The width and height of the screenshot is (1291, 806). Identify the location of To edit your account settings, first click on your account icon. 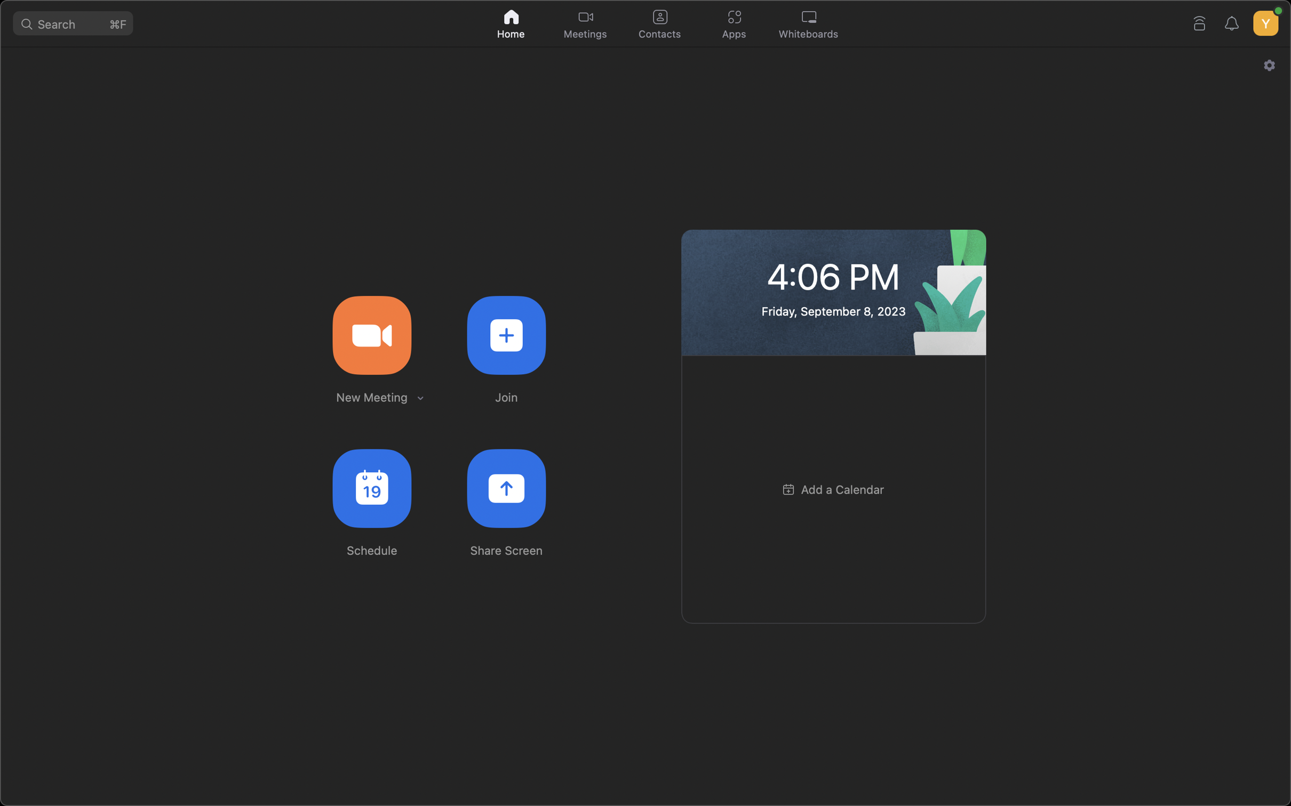
(1264, 20).